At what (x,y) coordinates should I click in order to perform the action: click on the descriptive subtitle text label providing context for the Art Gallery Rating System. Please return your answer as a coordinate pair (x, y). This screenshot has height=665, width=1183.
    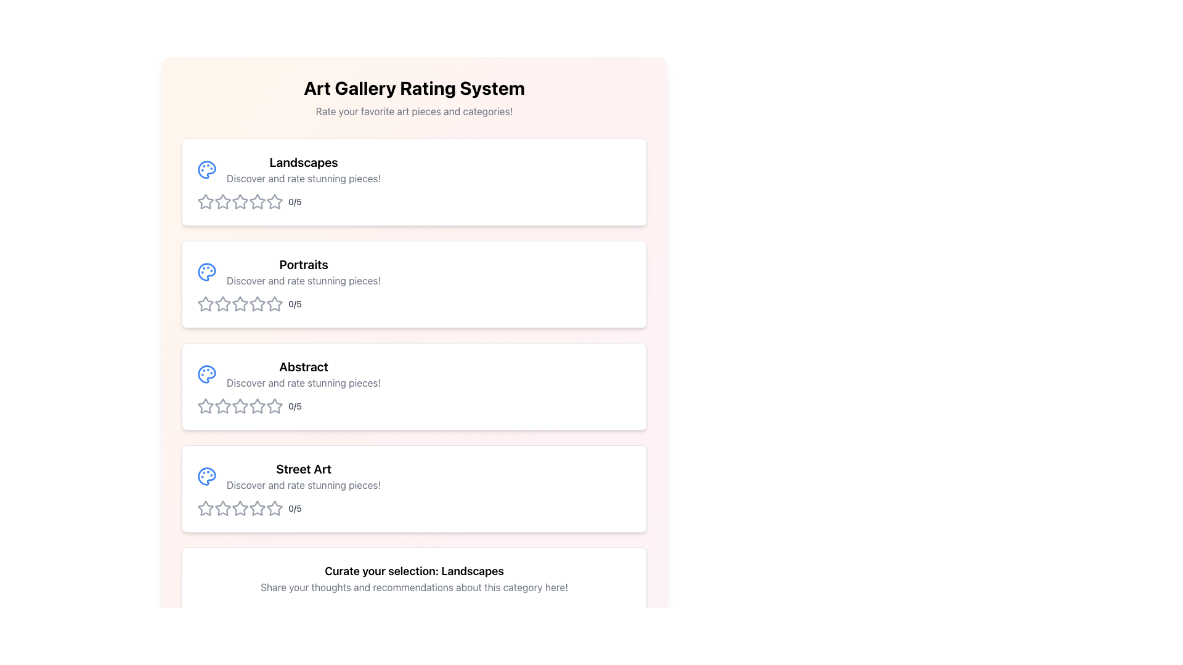
    Looking at the image, I should click on (414, 111).